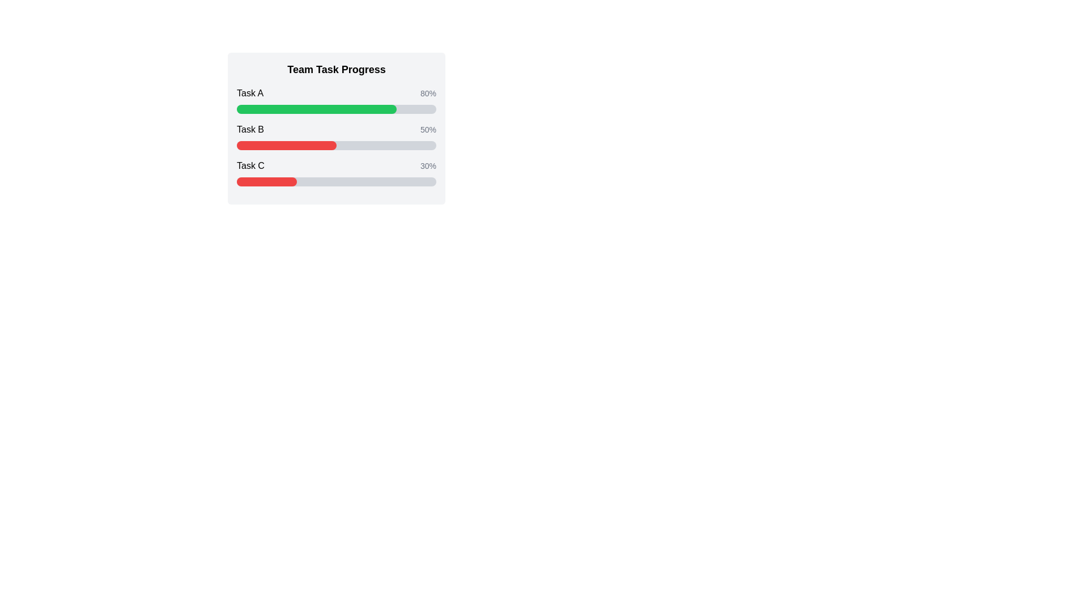 This screenshot has height=612, width=1088. What do you see at coordinates (266, 181) in the screenshot?
I see `the leftmost red progress bar segment of Task C, which is styled with rounded edges and represents a portion of progress` at bounding box center [266, 181].